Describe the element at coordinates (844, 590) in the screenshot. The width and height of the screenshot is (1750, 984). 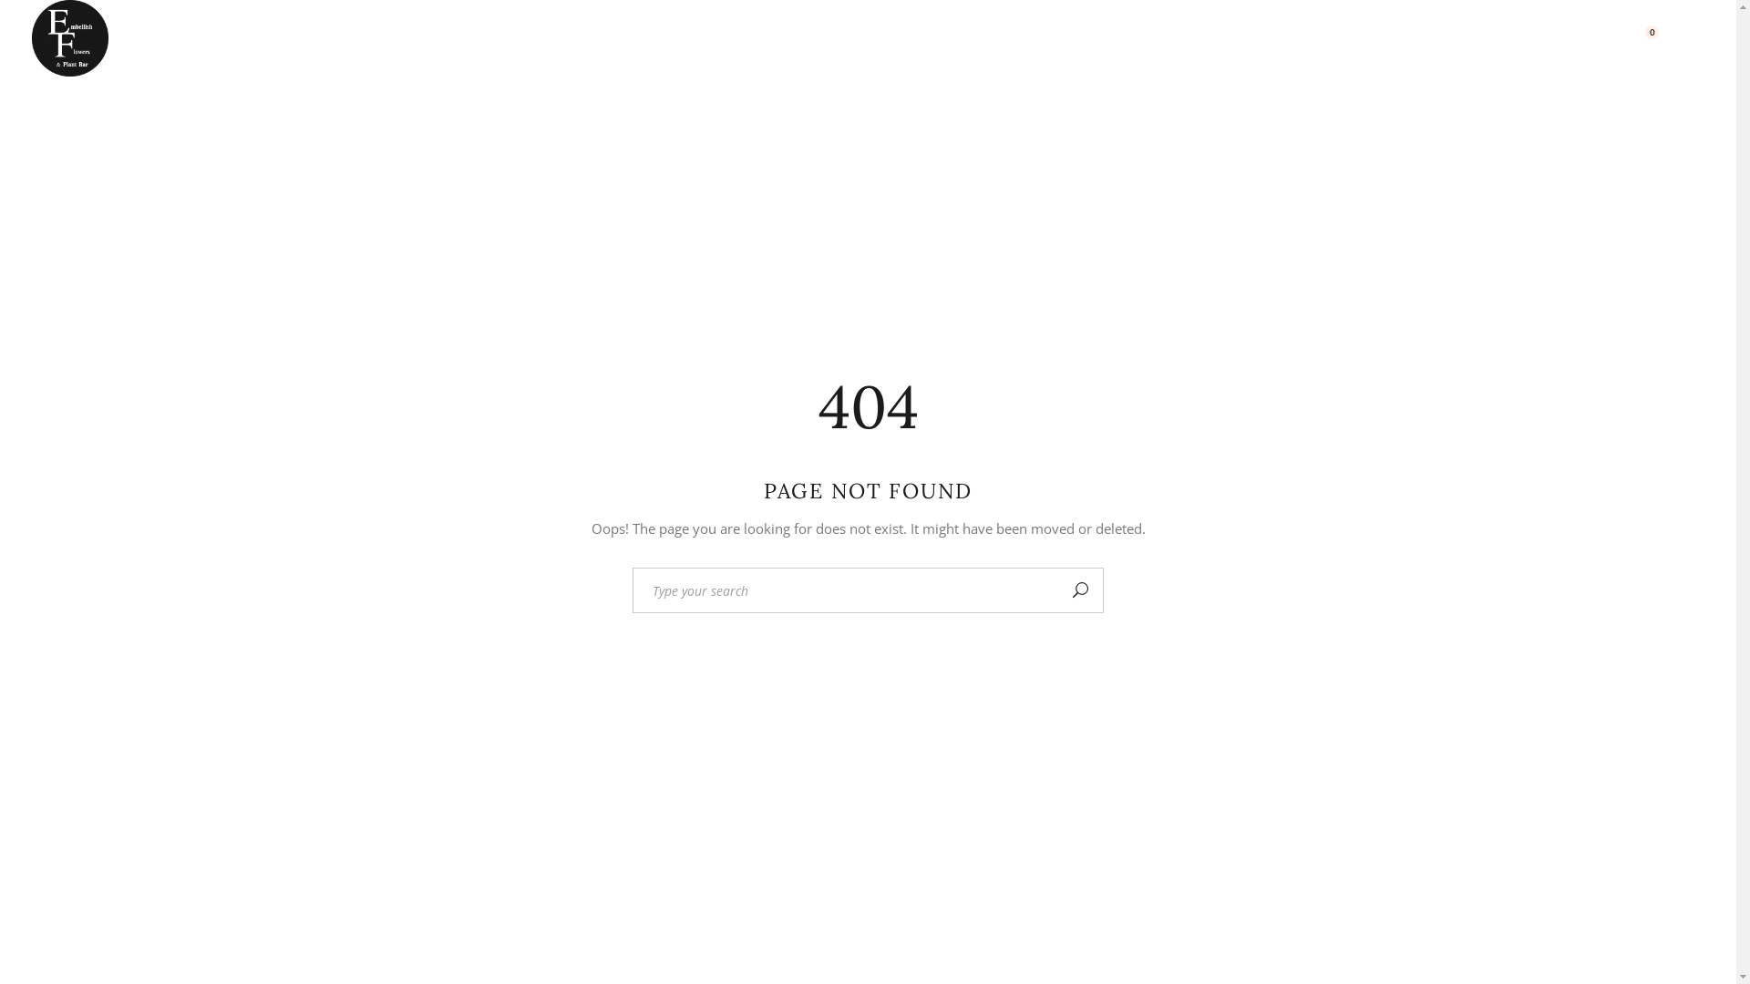
I see `'Search for:'` at that location.